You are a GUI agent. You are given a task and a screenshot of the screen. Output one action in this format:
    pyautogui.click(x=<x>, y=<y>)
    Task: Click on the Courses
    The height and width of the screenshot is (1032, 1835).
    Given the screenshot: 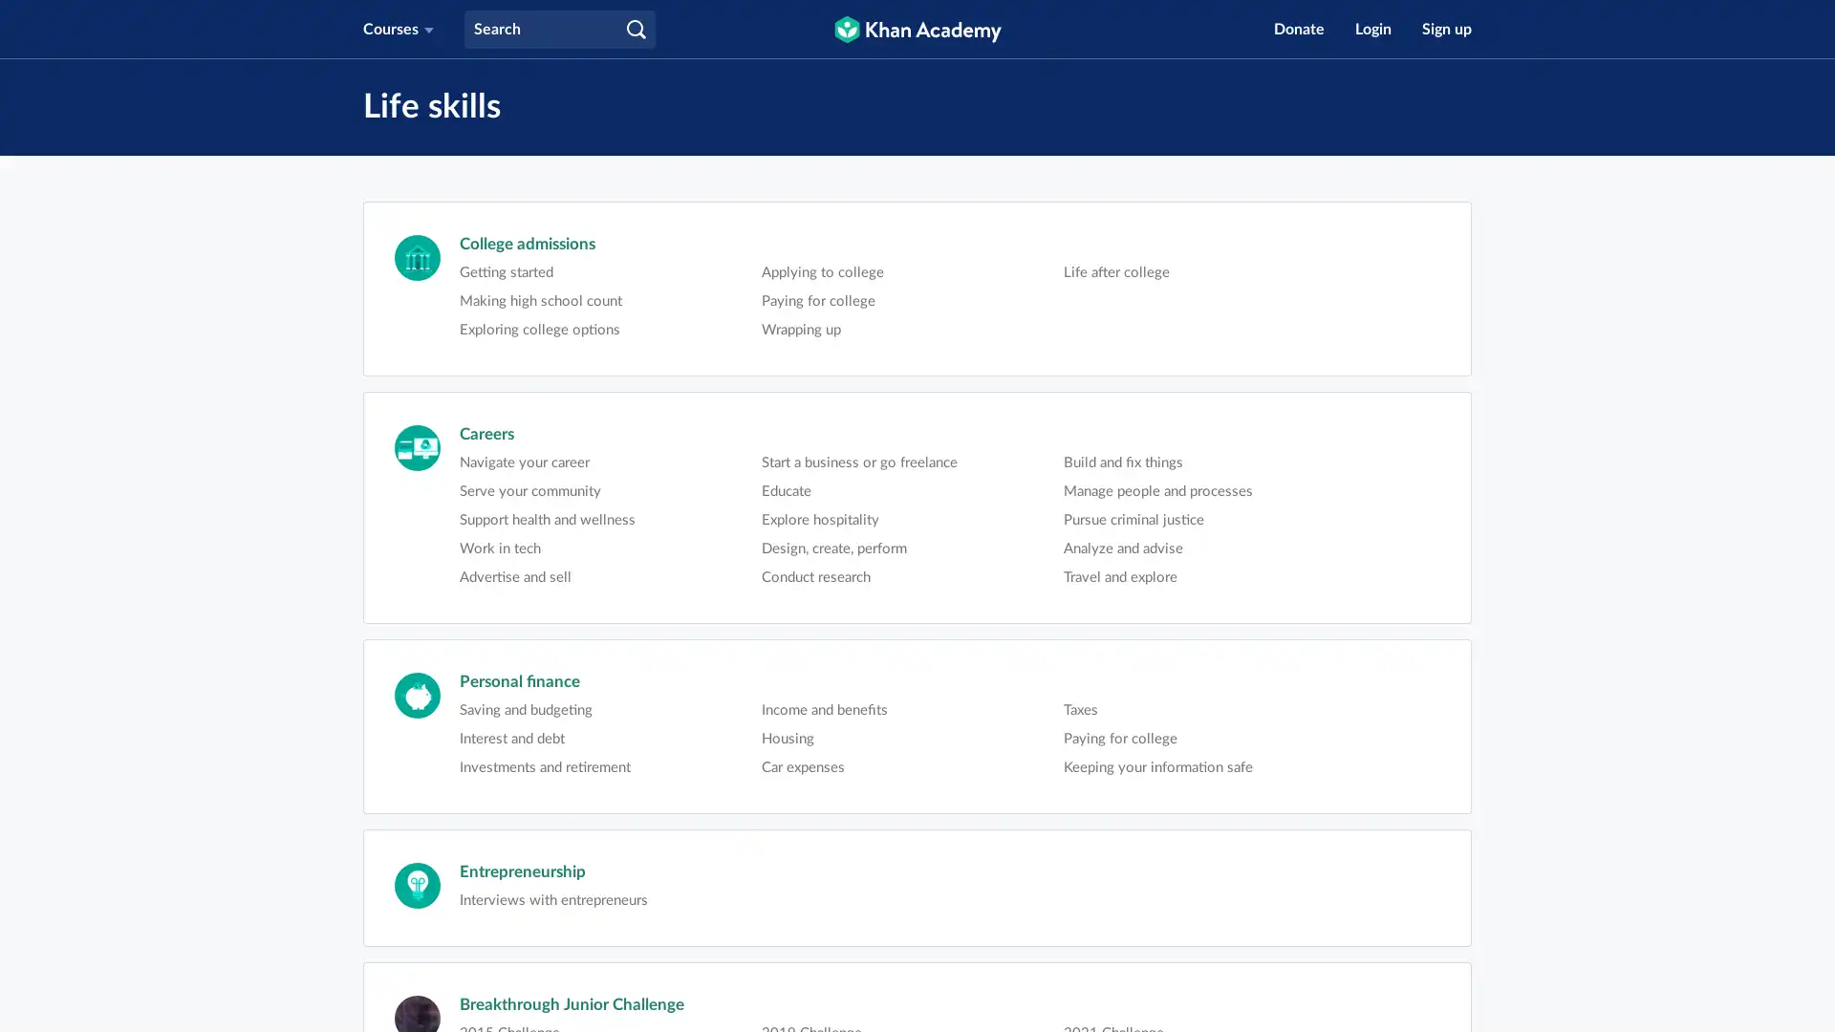 What is the action you would take?
    pyautogui.click(x=398, y=29)
    